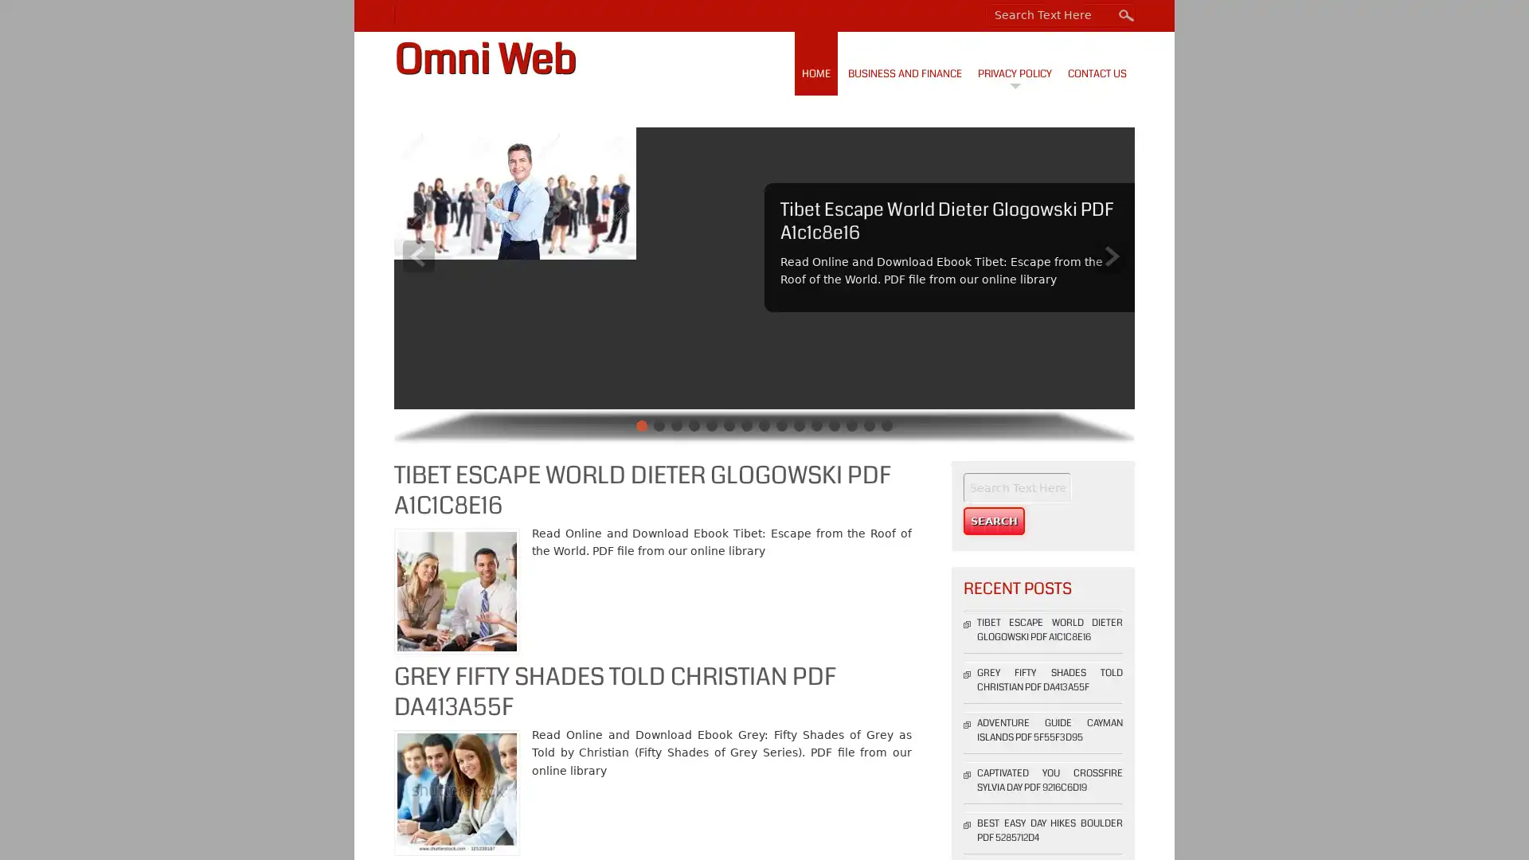 This screenshot has height=860, width=1529. Describe the element at coordinates (993, 521) in the screenshot. I see `Search` at that location.